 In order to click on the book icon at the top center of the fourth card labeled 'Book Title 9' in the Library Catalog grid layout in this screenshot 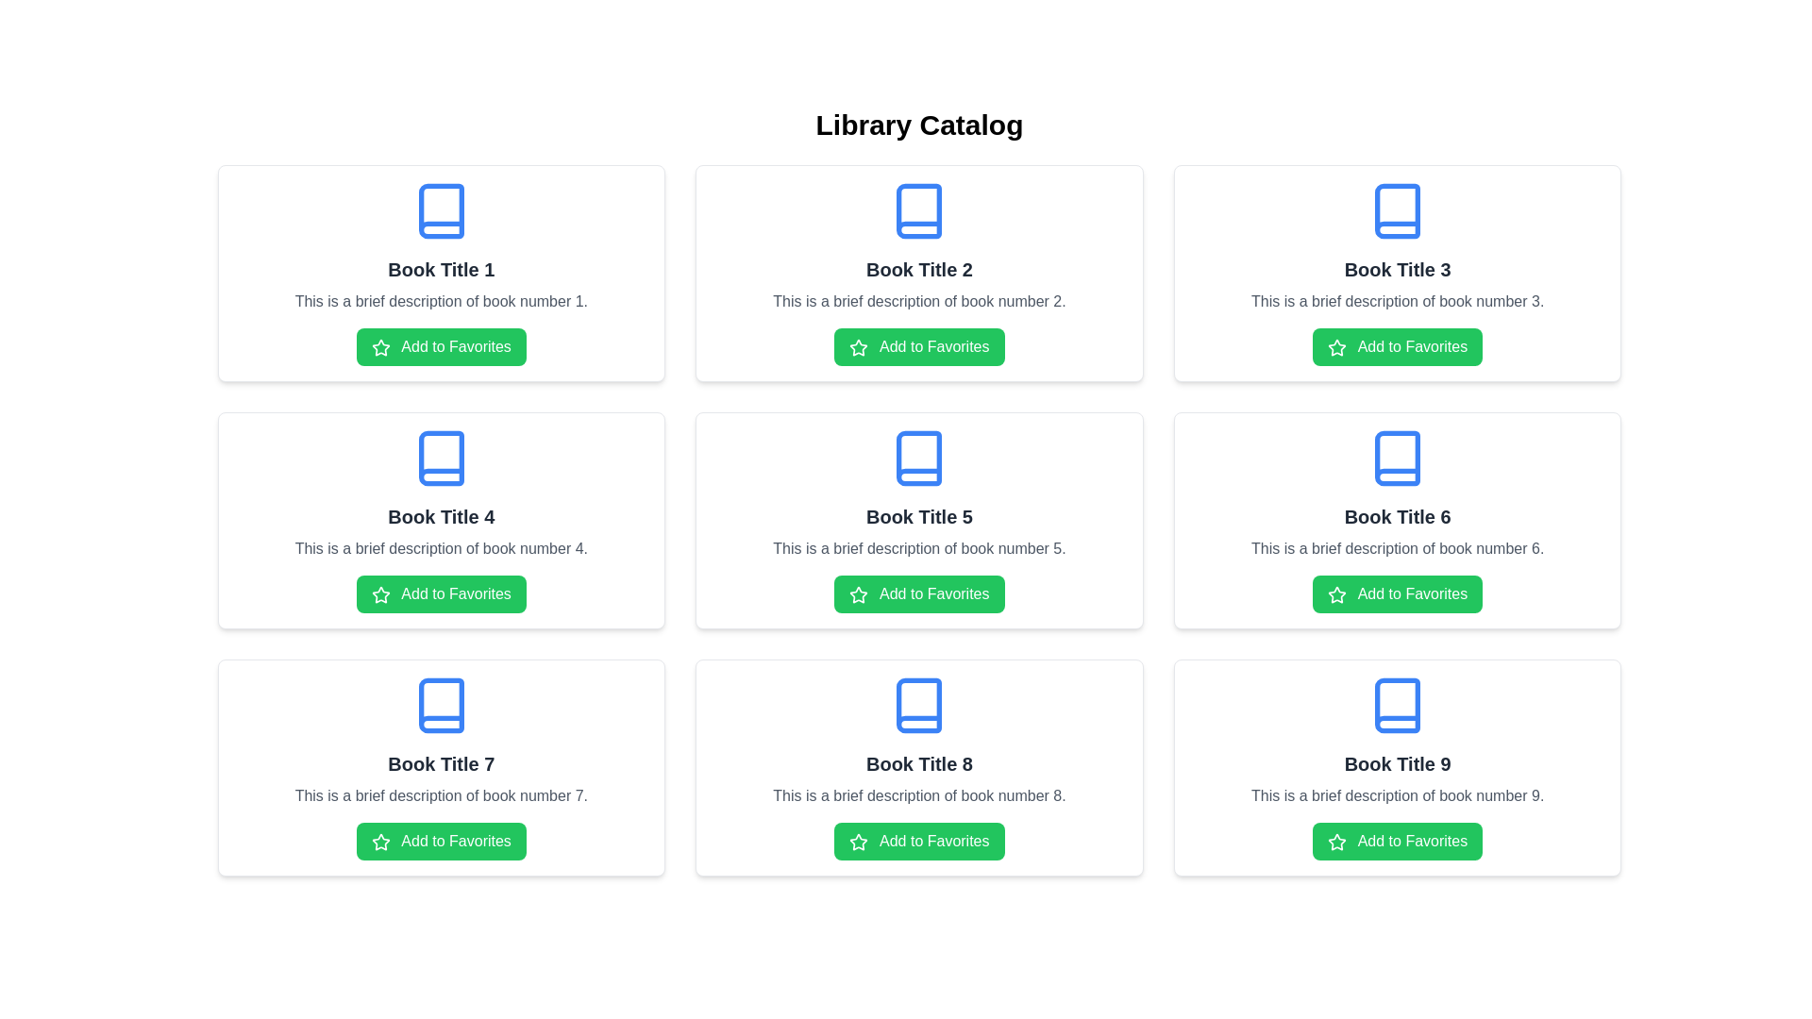, I will do `click(1398, 706)`.